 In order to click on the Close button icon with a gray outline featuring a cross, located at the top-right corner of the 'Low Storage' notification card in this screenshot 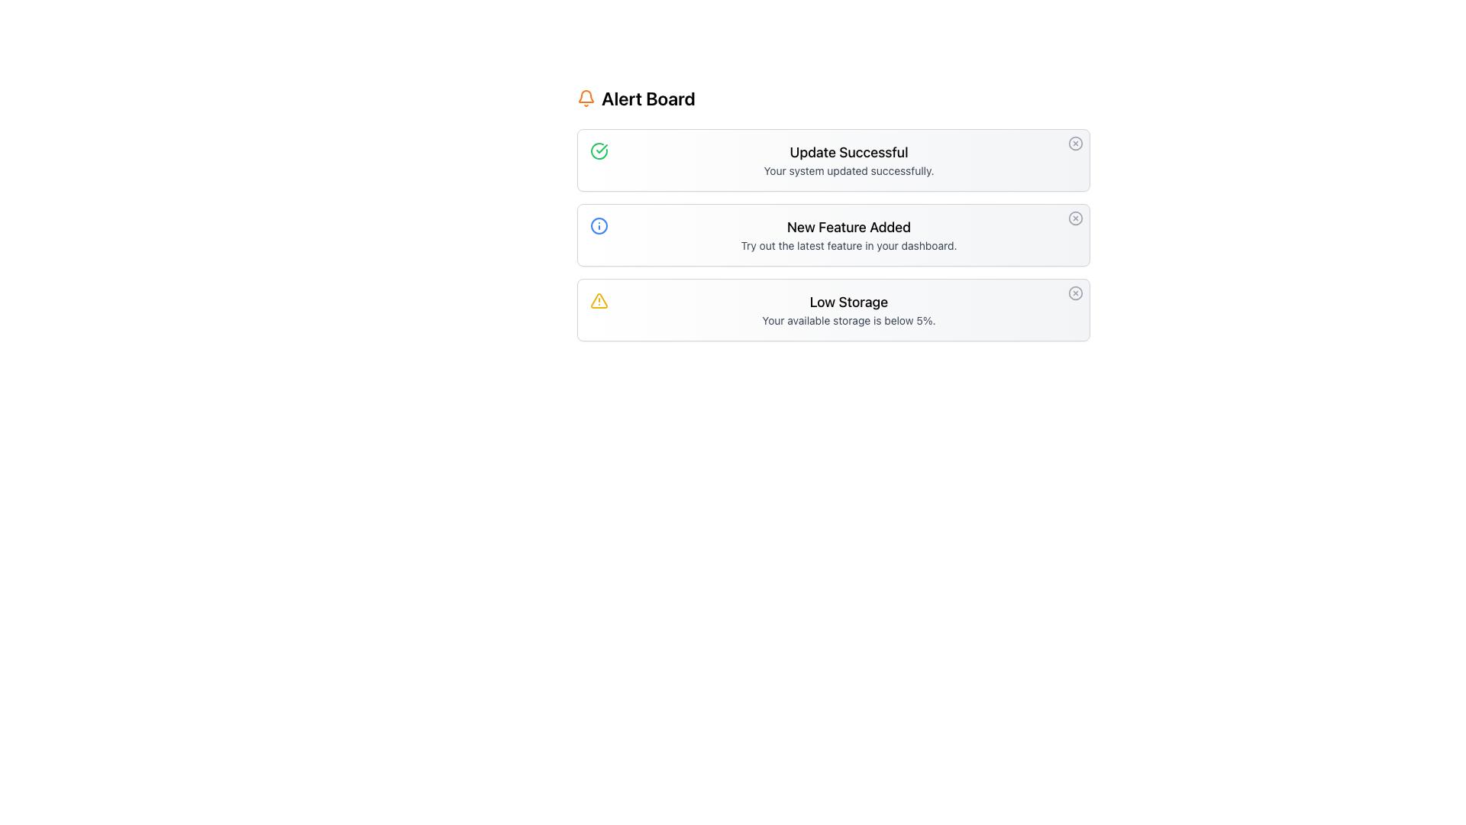, I will do `click(1075, 293)`.